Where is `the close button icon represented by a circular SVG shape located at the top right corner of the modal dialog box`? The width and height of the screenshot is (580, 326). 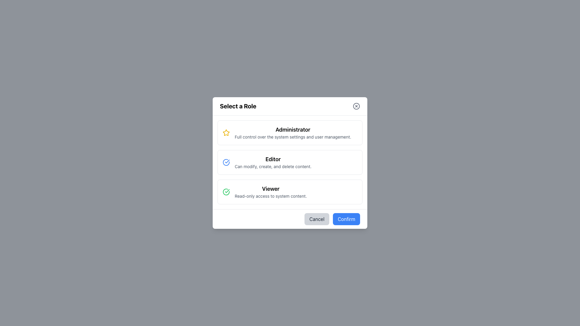
the close button icon represented by a circular SVG shape located at the top right corner of the modal dialog box is located at coordinates (356, 106).